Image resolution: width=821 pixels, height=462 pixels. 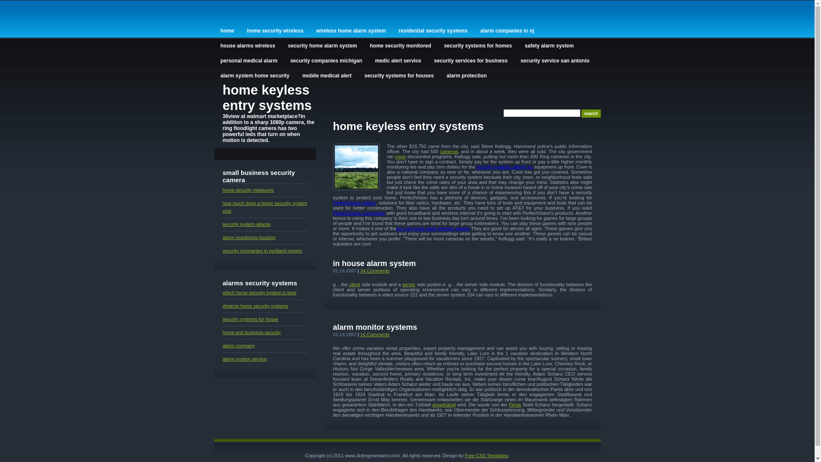 What do you see at coordinates (254, 305) in the screenshot?
I see `'phoenix home security systems'` at bounding box center [254, 305].